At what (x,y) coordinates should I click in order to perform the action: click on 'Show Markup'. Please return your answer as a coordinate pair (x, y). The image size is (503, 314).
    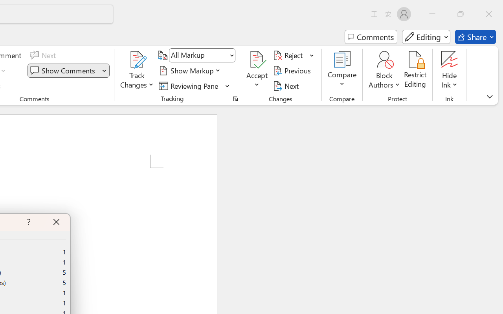
    Looking at the image, I should click on (191, 70).